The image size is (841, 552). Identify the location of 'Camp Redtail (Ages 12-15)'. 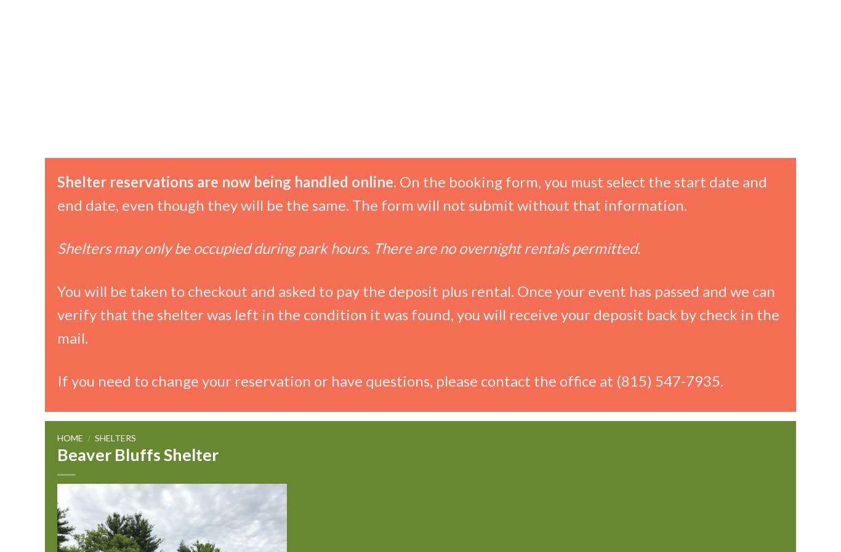
(574, 129).